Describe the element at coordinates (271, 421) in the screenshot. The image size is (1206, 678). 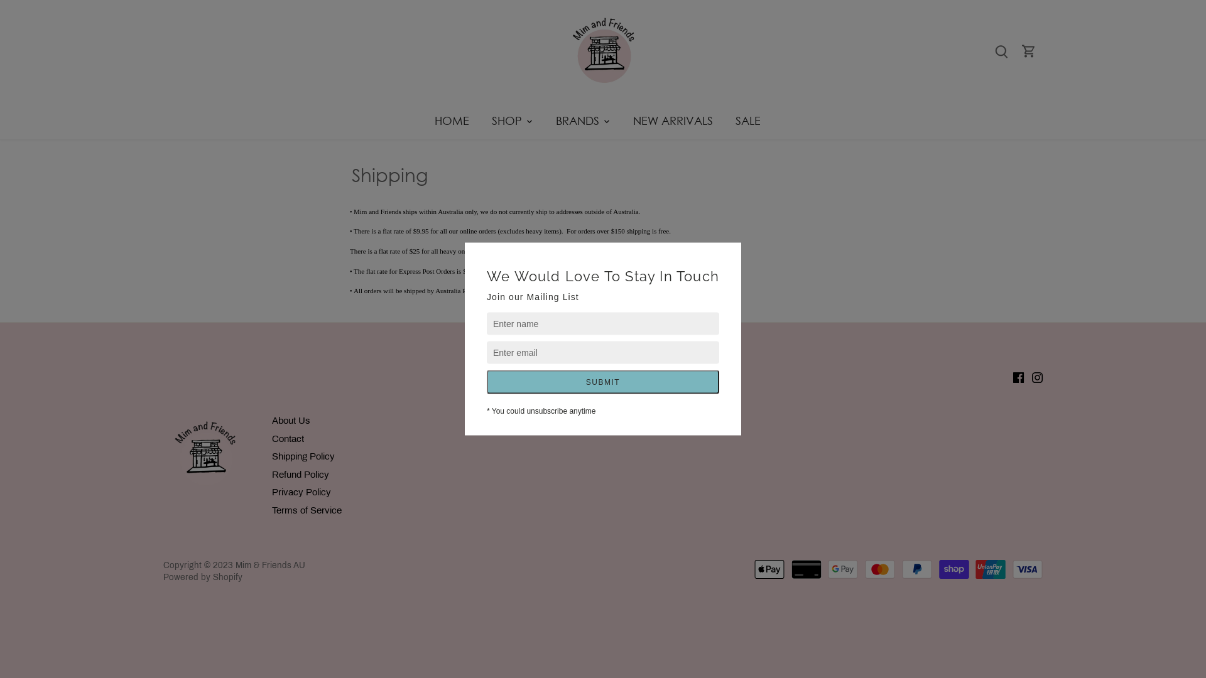
I see `'About Us'` at that location.